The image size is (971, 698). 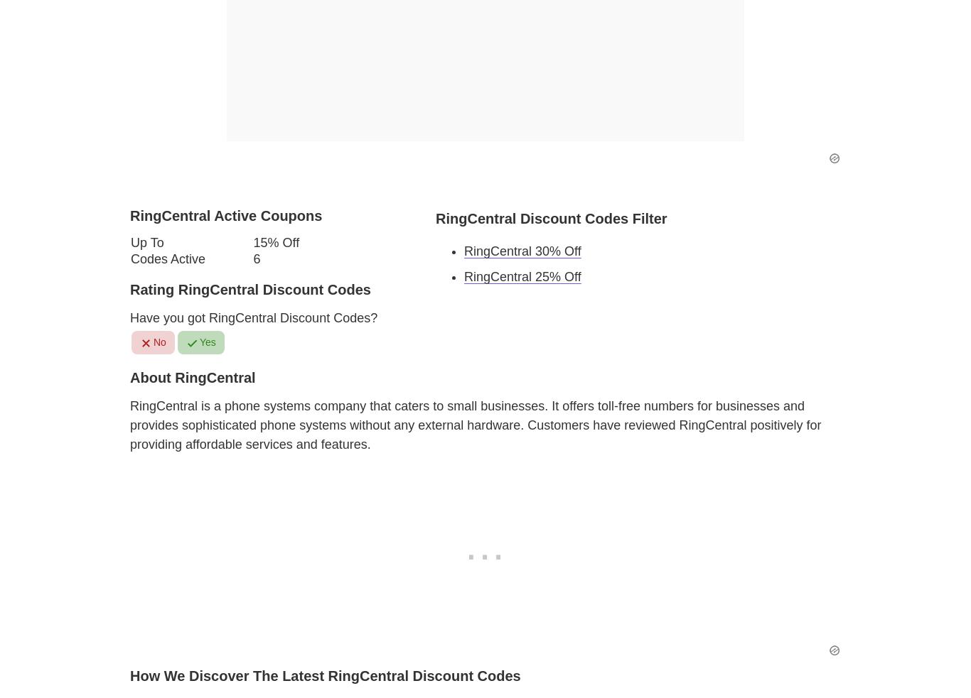 What do you see at coordinates (129, 289) in the screenshot?
I see `'Rating RingCentral Discount Codes'` at bounding box center [129, 289].